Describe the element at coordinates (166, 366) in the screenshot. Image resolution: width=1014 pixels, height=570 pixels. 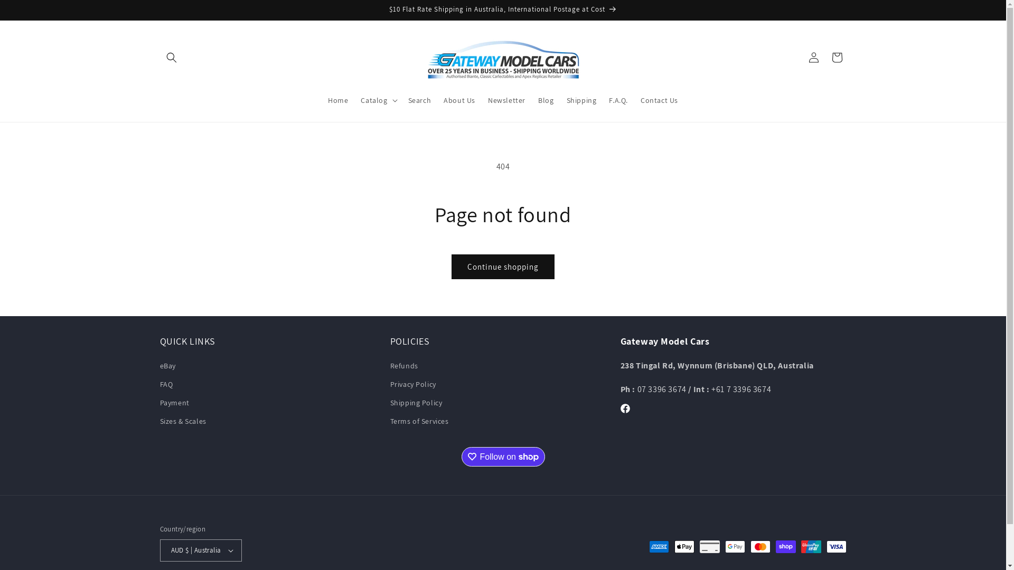
I see `'eBay'` at that location.